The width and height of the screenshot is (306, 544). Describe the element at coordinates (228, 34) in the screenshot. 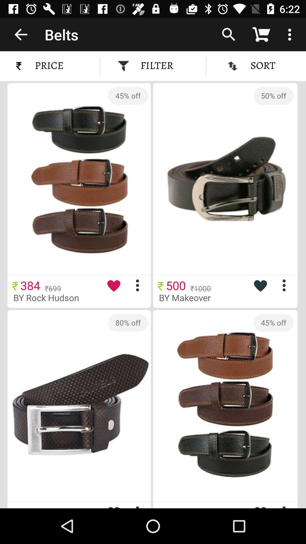

I see `icon above the sort item` at that location.